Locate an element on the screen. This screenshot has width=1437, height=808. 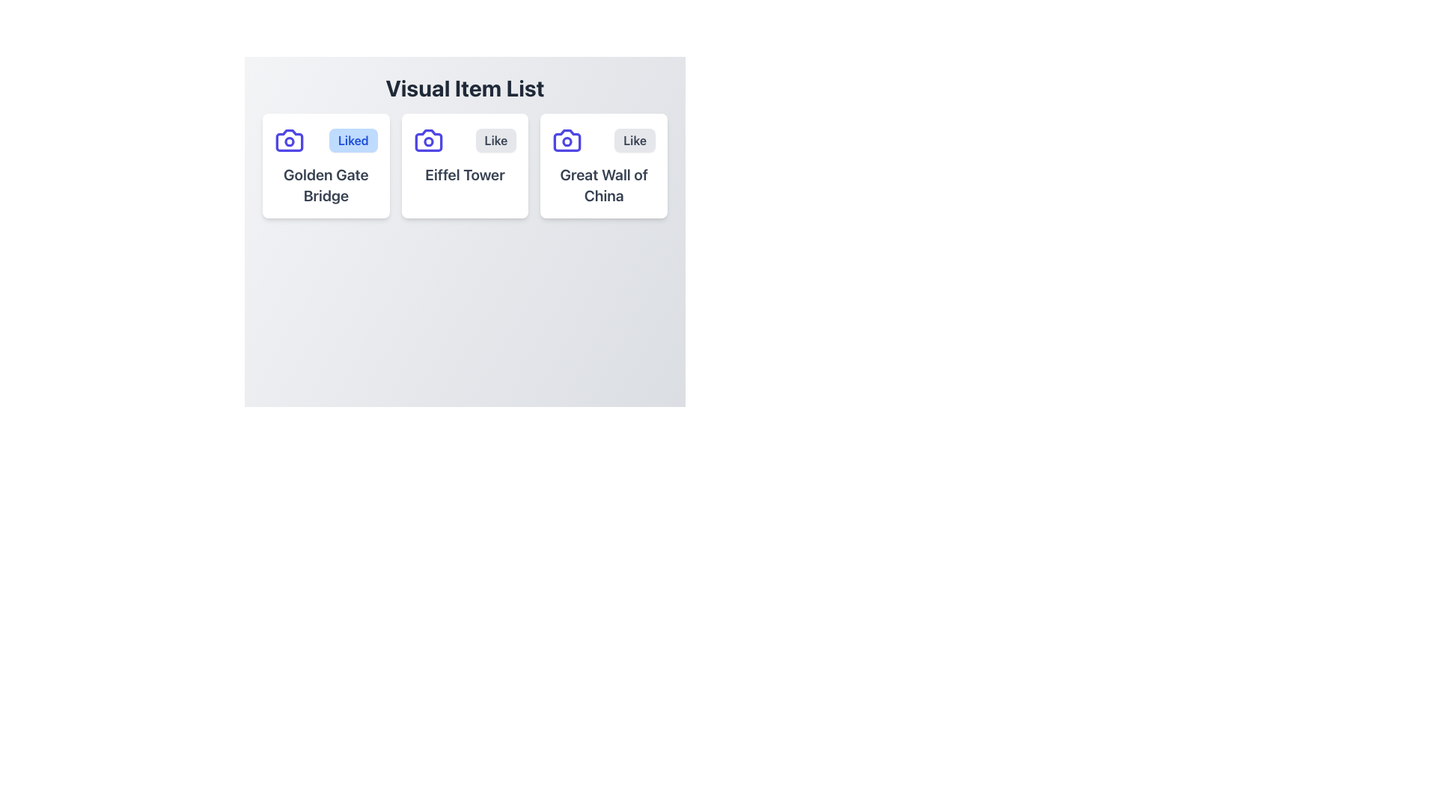
the Card component representing 'Golden Gate Bridge', which is marked as 'Liked' and is the first in a series of three horizontal cards is located at coordinates (325, 166).